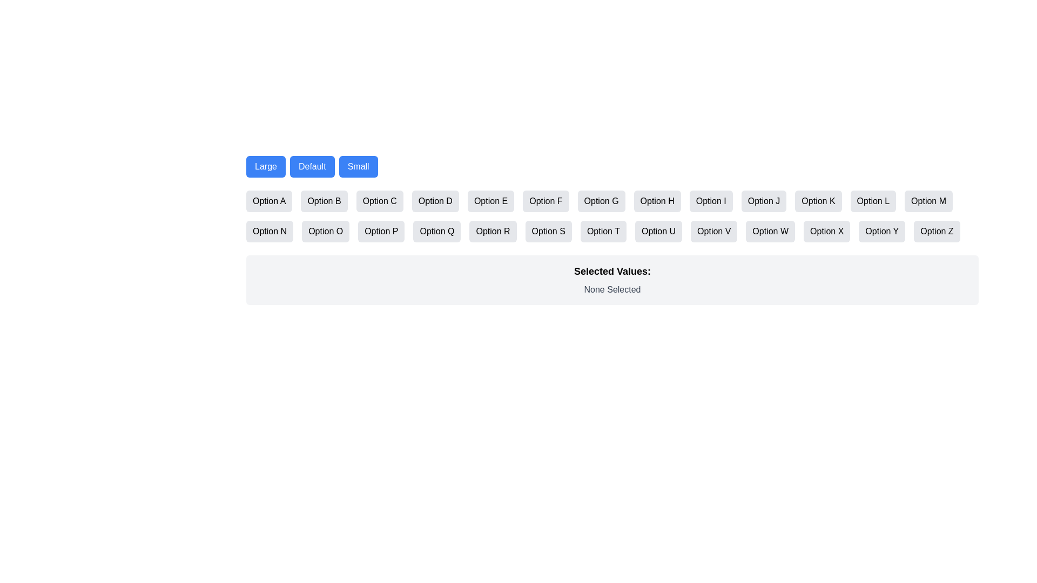 This screenshot has height=583, width=1037. What do you see at coordinates (818, 201) in the screenshot?
I see `the button labeled 'Option K', which is positioned between 'Option J' and 'Option L'` at bounding box center [818, 201].